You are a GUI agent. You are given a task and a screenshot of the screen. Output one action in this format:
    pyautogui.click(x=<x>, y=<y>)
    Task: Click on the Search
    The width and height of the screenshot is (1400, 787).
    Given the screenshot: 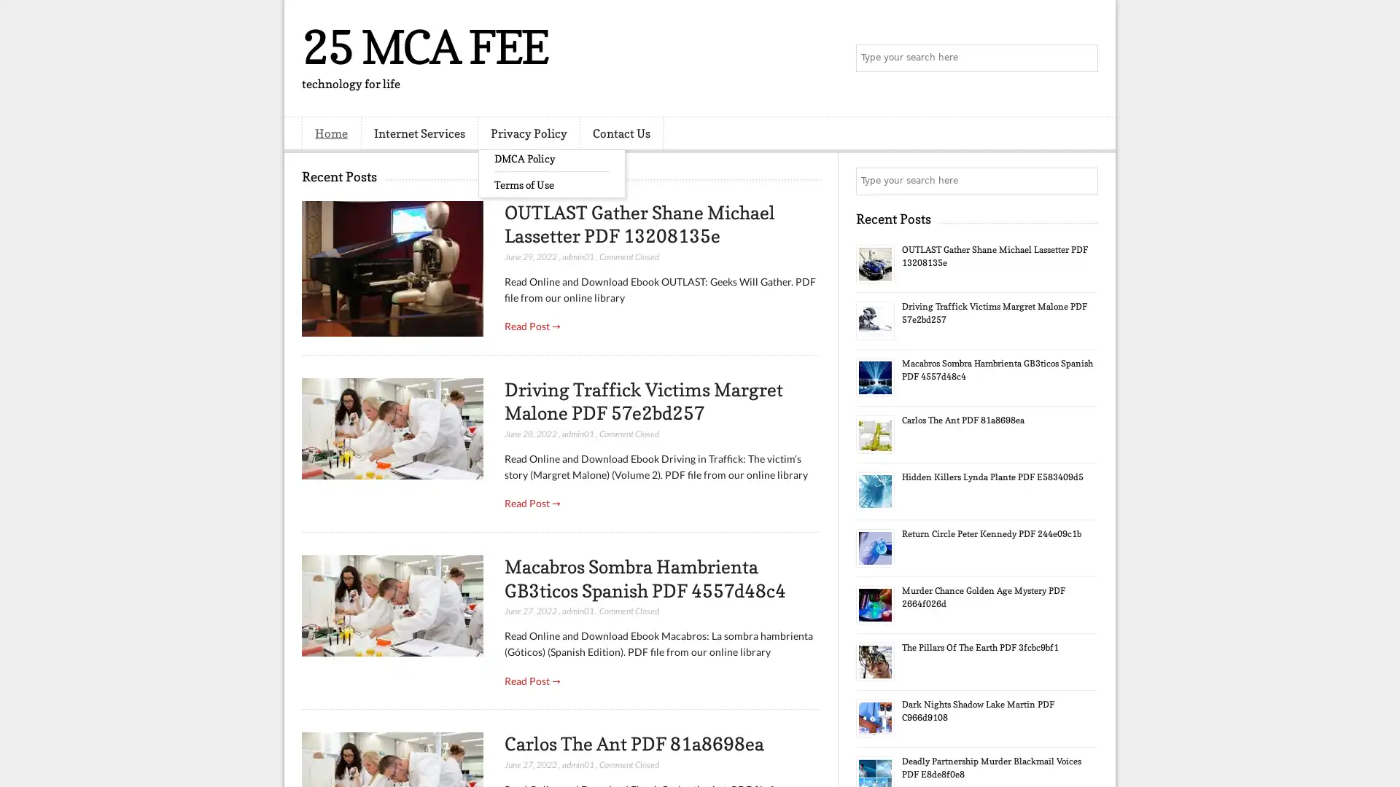 What is the action you would take?
    pyautogui.click(x=1083, y=58)
    